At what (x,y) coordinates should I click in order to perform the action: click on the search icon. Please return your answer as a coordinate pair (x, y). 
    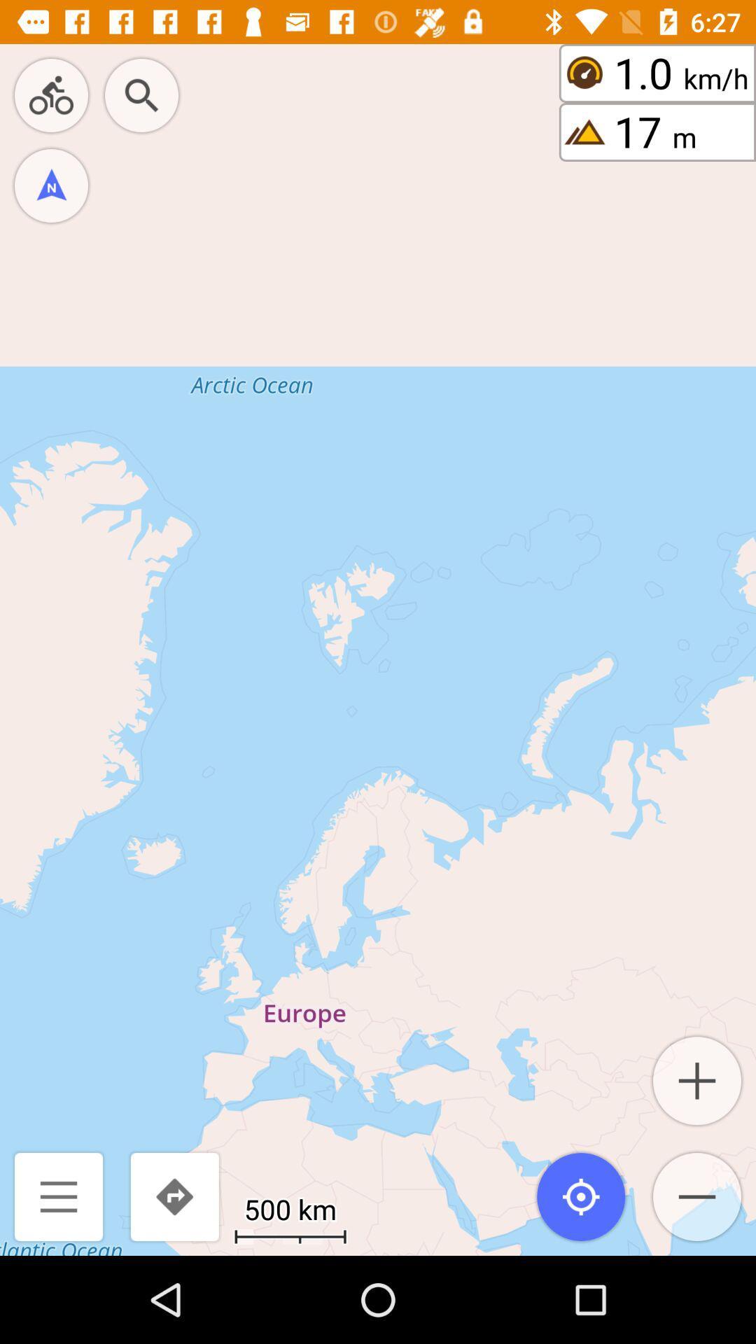
    Looking at the image, I should click on (141, 94).